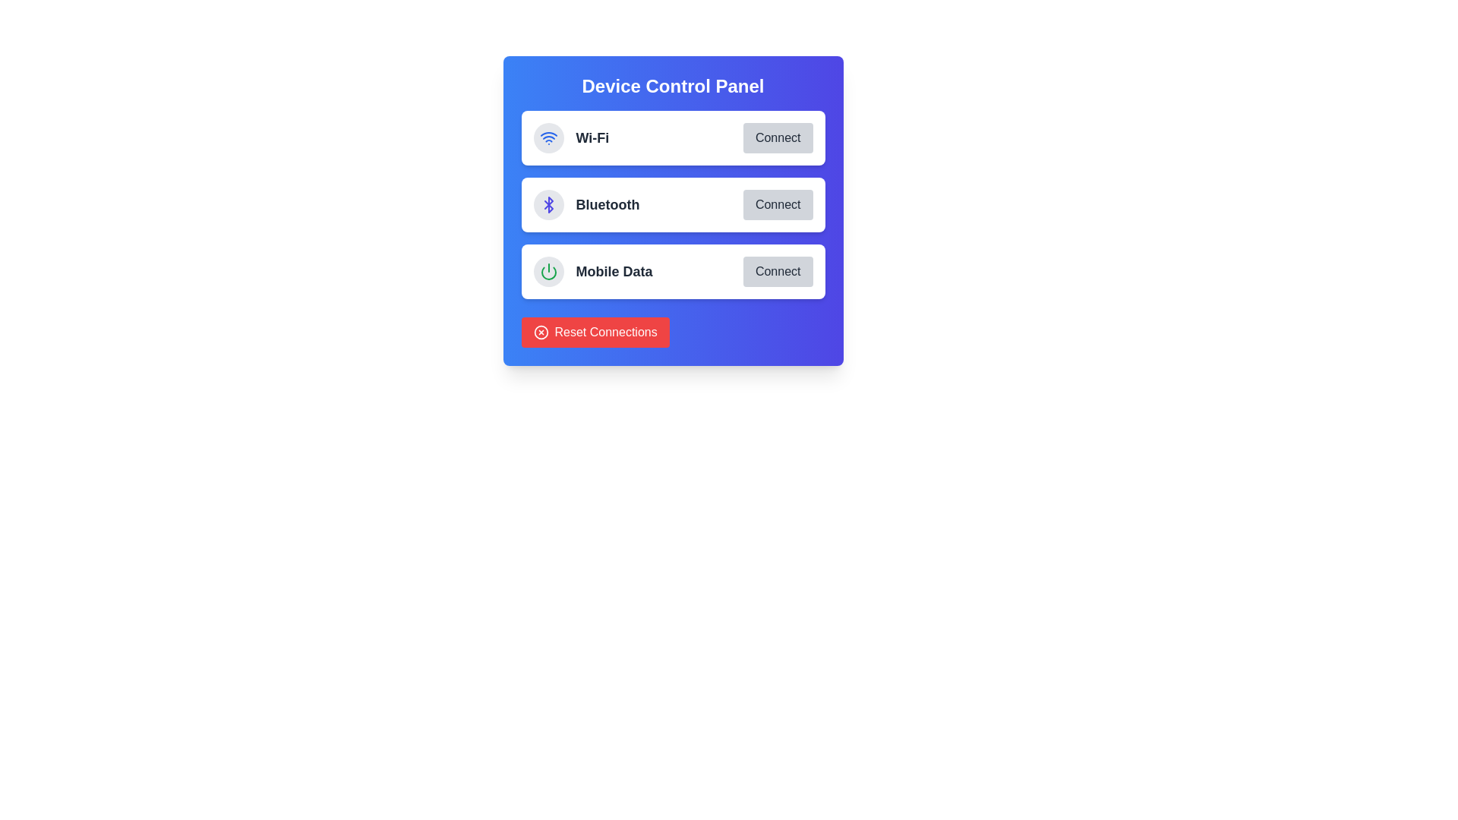  What do you see at coordinates (548, 137) in the screenshot?
I see `the blue Wi-Fi icon with curved lines, located in the top region of the 'Device Control Panel', to the left of the 'Wi-Fi' label` at bounding box center [548, 137].